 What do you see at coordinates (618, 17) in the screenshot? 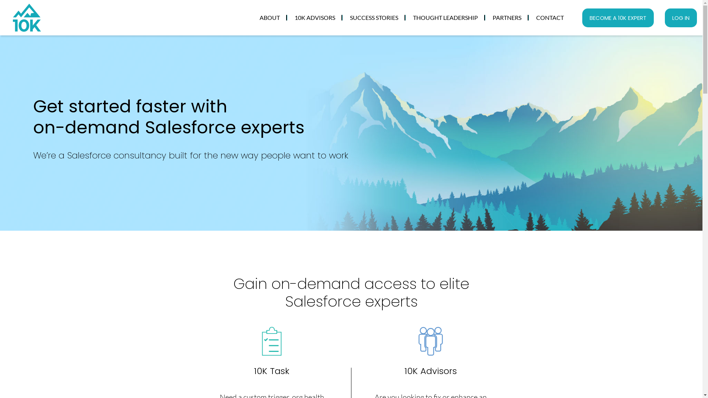
I see `'BECOME A 10K EXPERT'` at bounding box center [618, 17].